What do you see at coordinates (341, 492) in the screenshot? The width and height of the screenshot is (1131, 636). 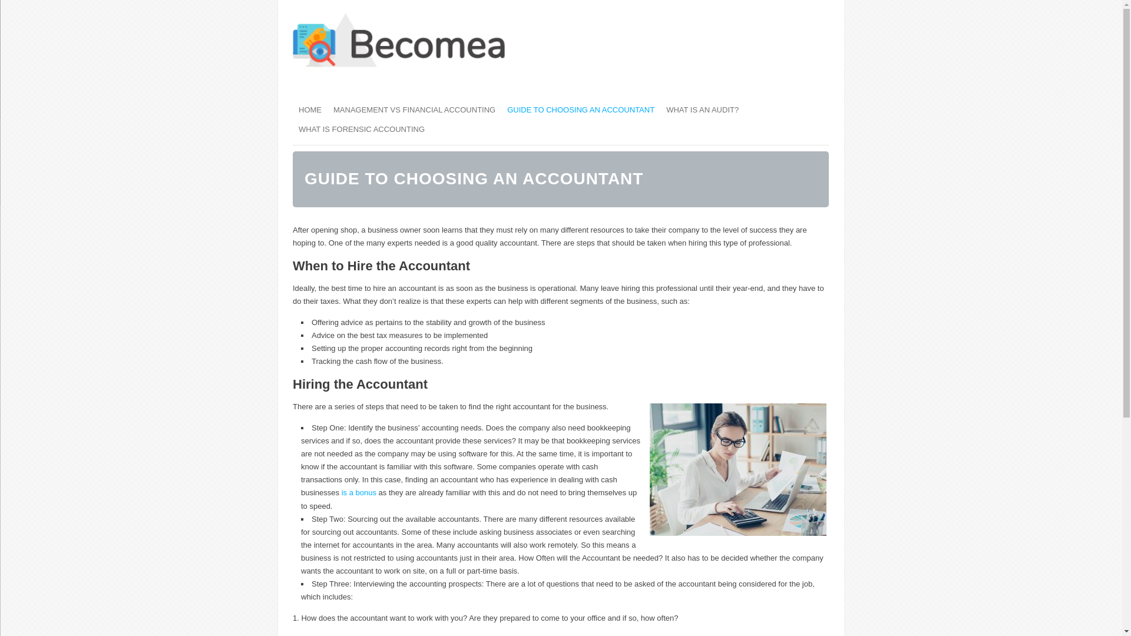 I see `'is a bonus'` at bounding box center [341, 492].